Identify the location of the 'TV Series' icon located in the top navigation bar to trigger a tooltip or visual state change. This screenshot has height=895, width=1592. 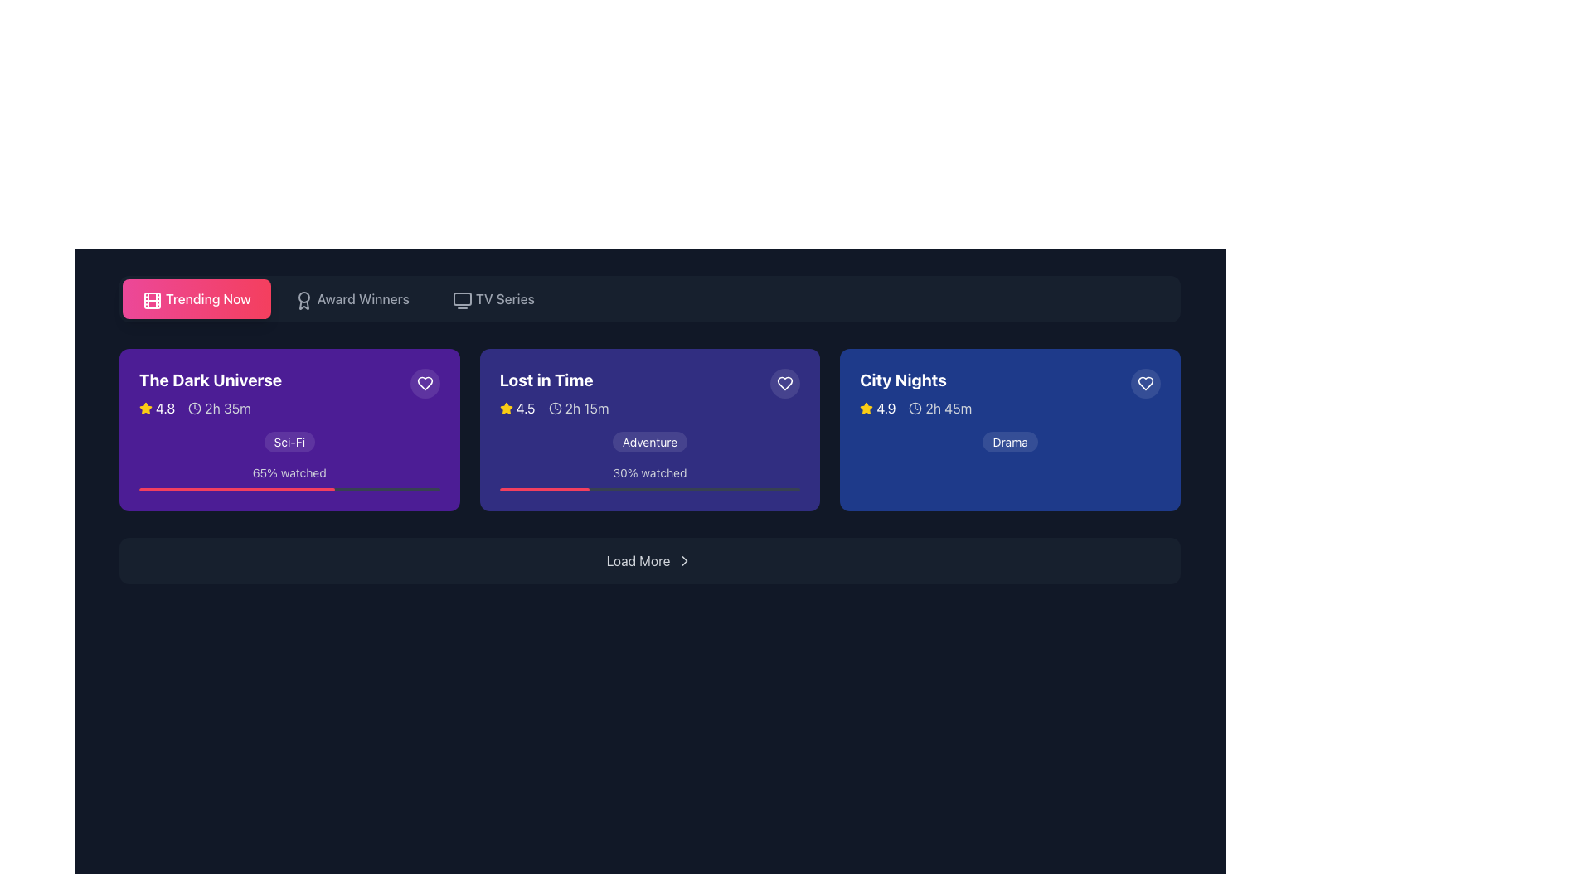
(462, 300).